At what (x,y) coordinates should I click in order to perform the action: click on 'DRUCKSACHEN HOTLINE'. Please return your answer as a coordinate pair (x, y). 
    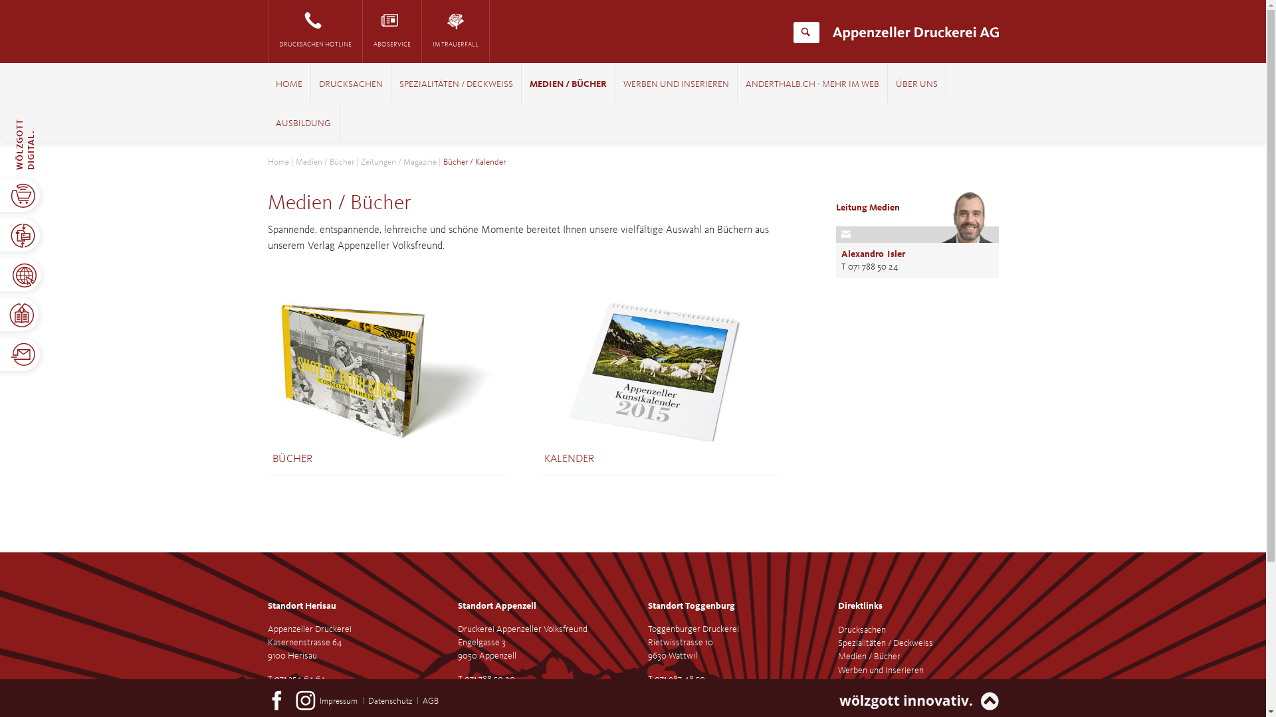
    Looking at the image, I should click on (314, 31).